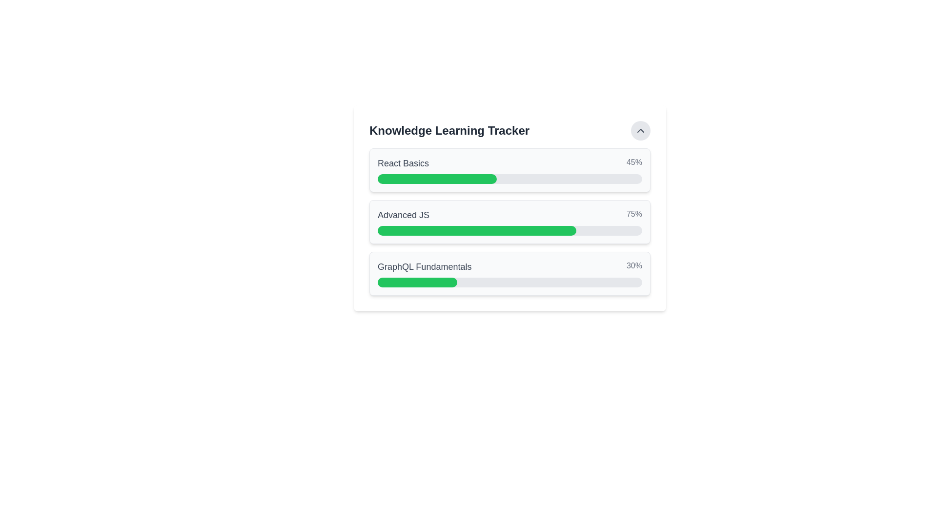 This screenshot has height=527, width=937. Describe the element at coordinates (509, 222) in the screenshot. I see `the second progress bar in the 'Knowledge Learning Tracker' section that visualizes the user's progress in the 'Advanced JS' course, indicating 75% completion` at that location.